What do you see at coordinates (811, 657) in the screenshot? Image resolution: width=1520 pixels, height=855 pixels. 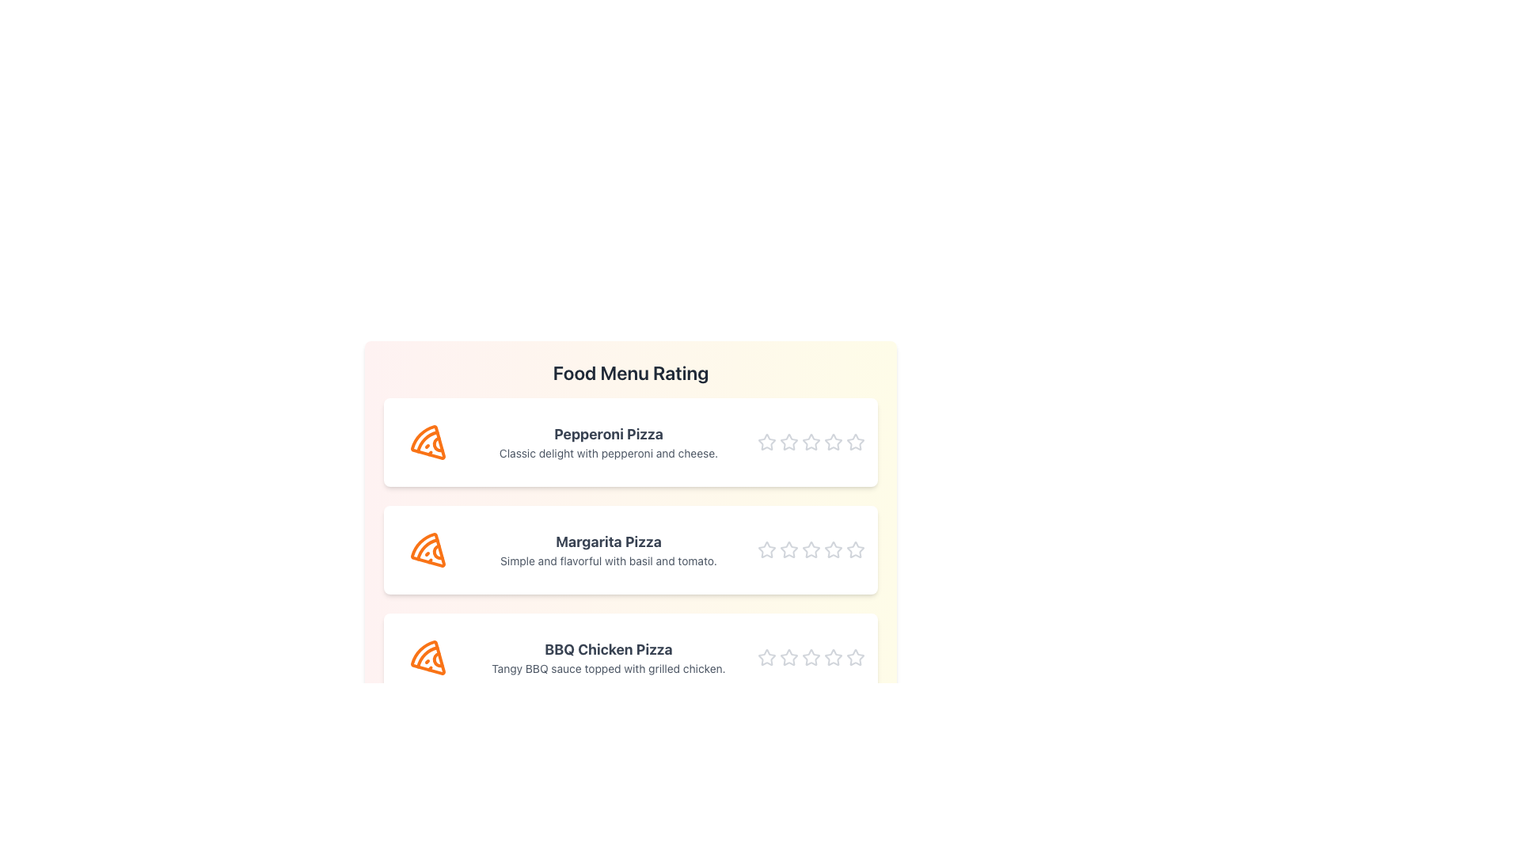 I see `the second star icon in the rating section for the 'BBQ Chicken Pizza' menu item` at bounding box center [811, 657].